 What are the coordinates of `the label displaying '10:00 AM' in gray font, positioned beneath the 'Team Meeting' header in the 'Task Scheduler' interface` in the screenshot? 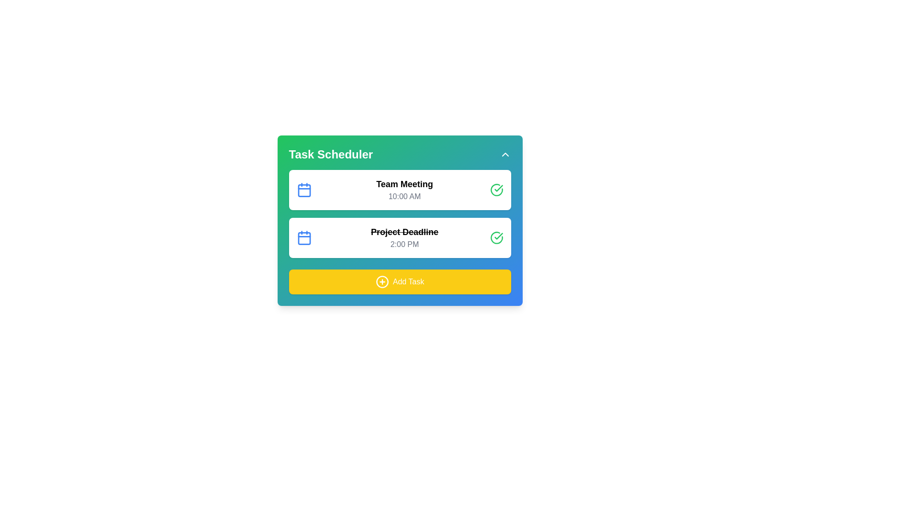 It's located at (404, 196).